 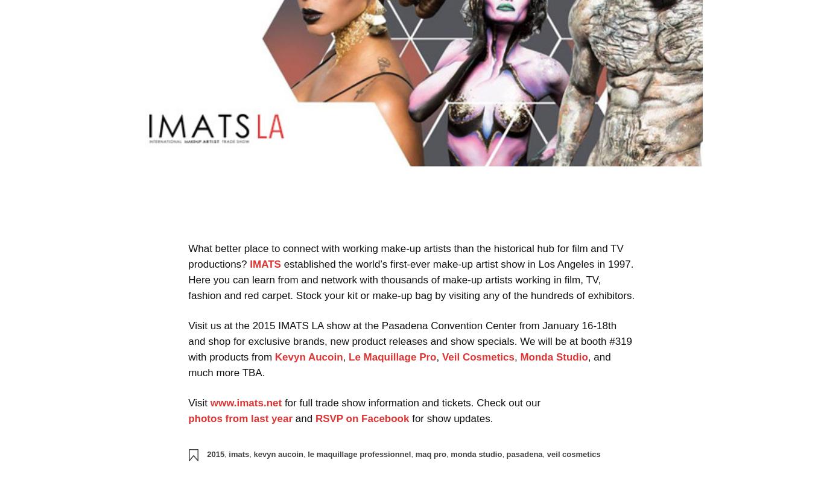 What do you see at coordinates (278, 453) in the screenshot?
I see `'kevyn aucoin'` at bounding box center [278, 453].